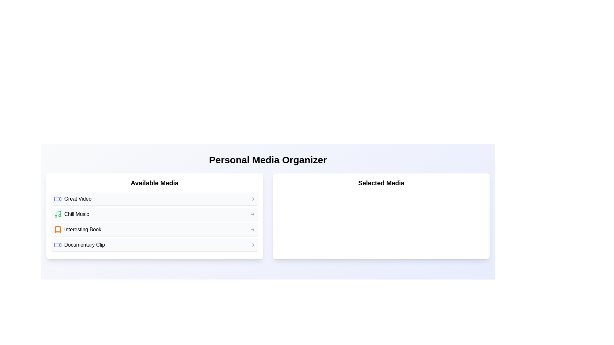  I want to click on the music note icon, represented by green lines and a circular note part, located in the 'Chill Music' row before the label 'Chill Music', so click(58, 214).